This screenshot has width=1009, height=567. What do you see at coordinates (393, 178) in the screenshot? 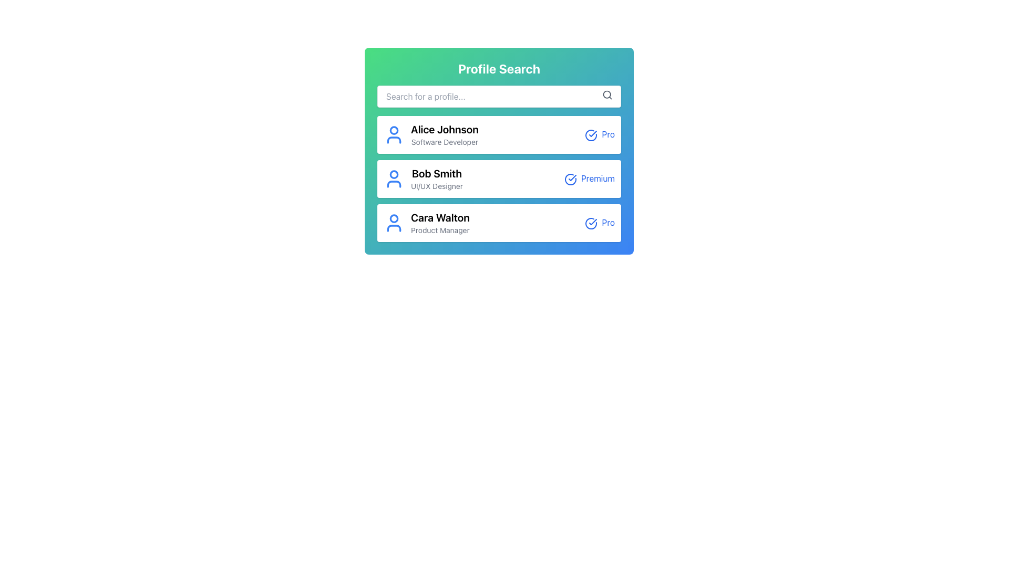
I see `the user profile icon, which is a blue outline of a head and shoulders, located beside the text 'Bob Smith' in the row labeled 'Bob Smith UI/UX Designer Premium'` at bounding box center [393, 178].